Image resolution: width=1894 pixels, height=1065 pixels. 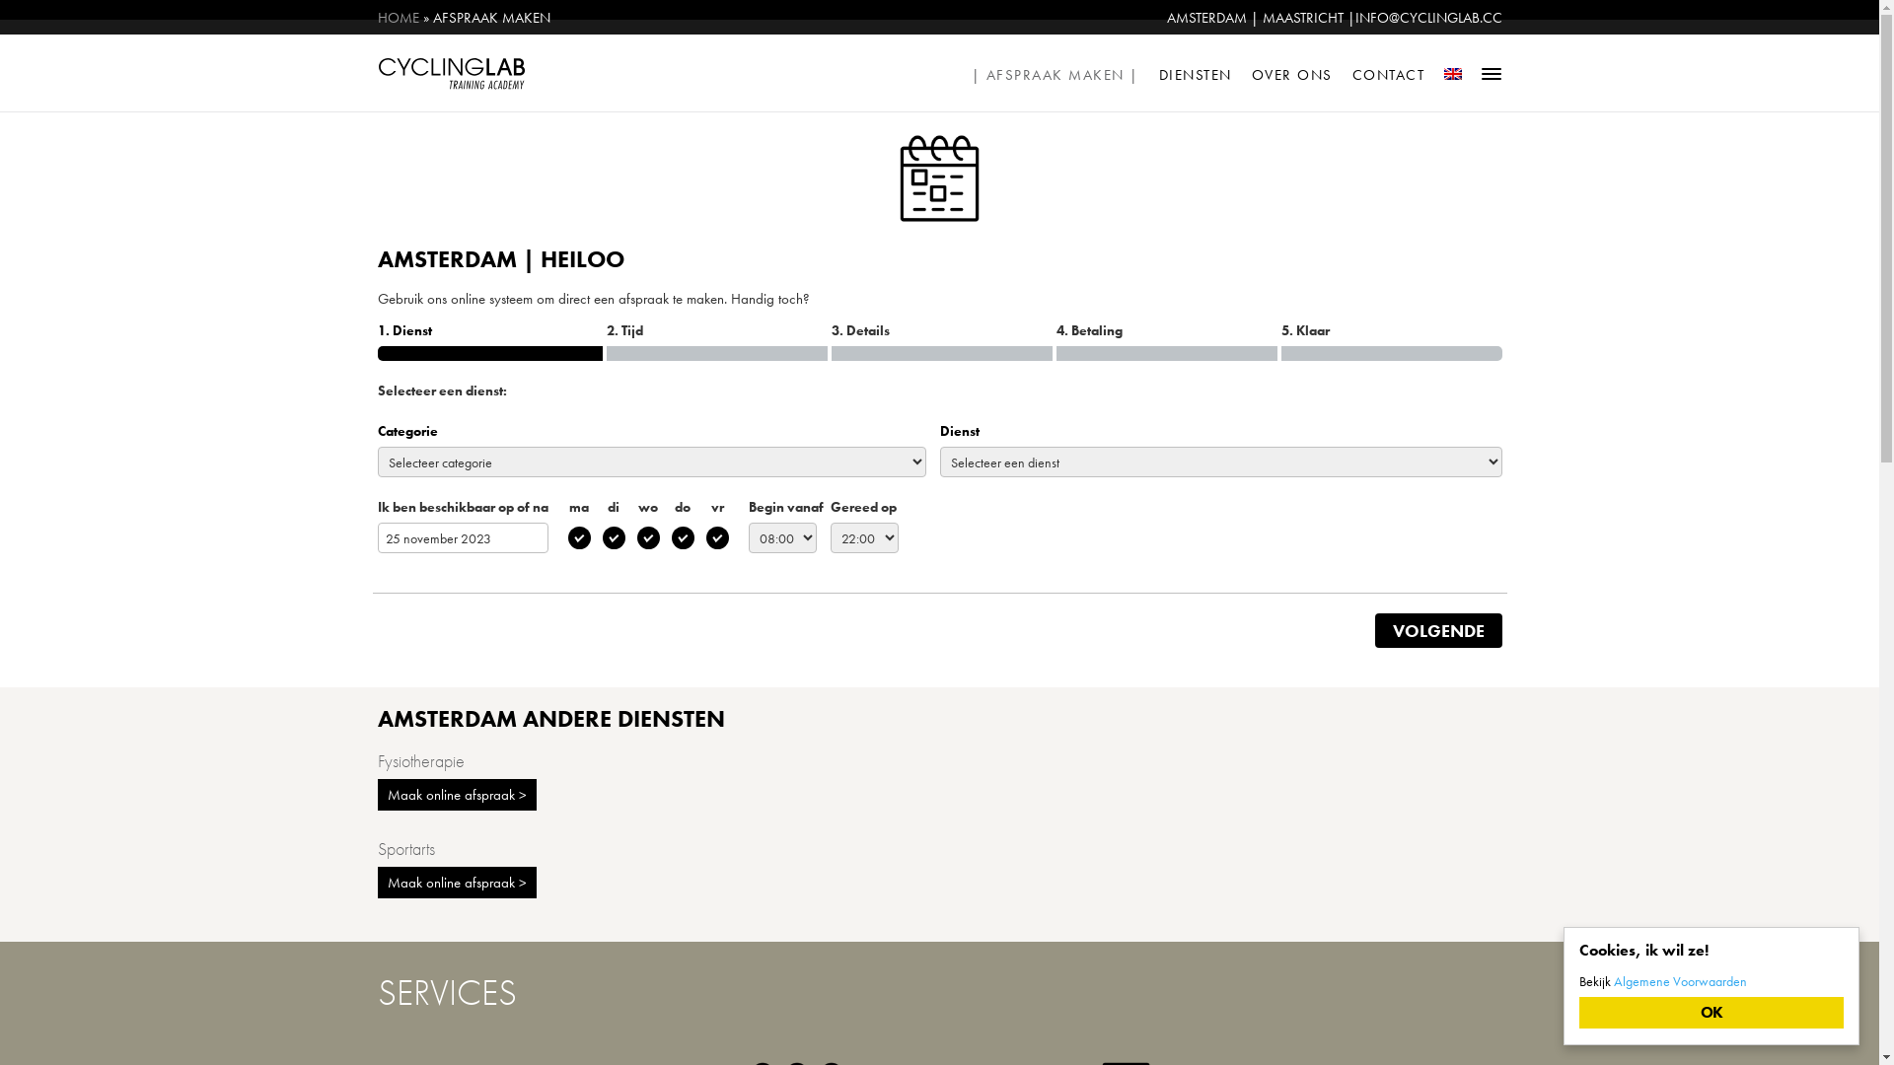 I want to click on 'Maak online afspraak >', so click(x=455, y=882).